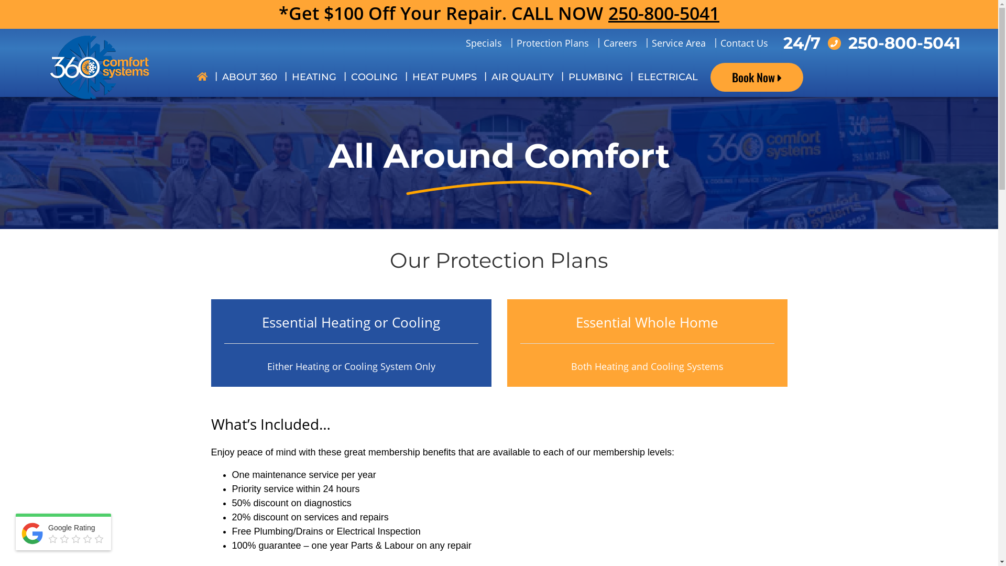 The image size is (1006, 566). What do you see at coordinates (743, 42) in the screenshot?
I see `'Contact Us'` at bounding box center [743, 42].